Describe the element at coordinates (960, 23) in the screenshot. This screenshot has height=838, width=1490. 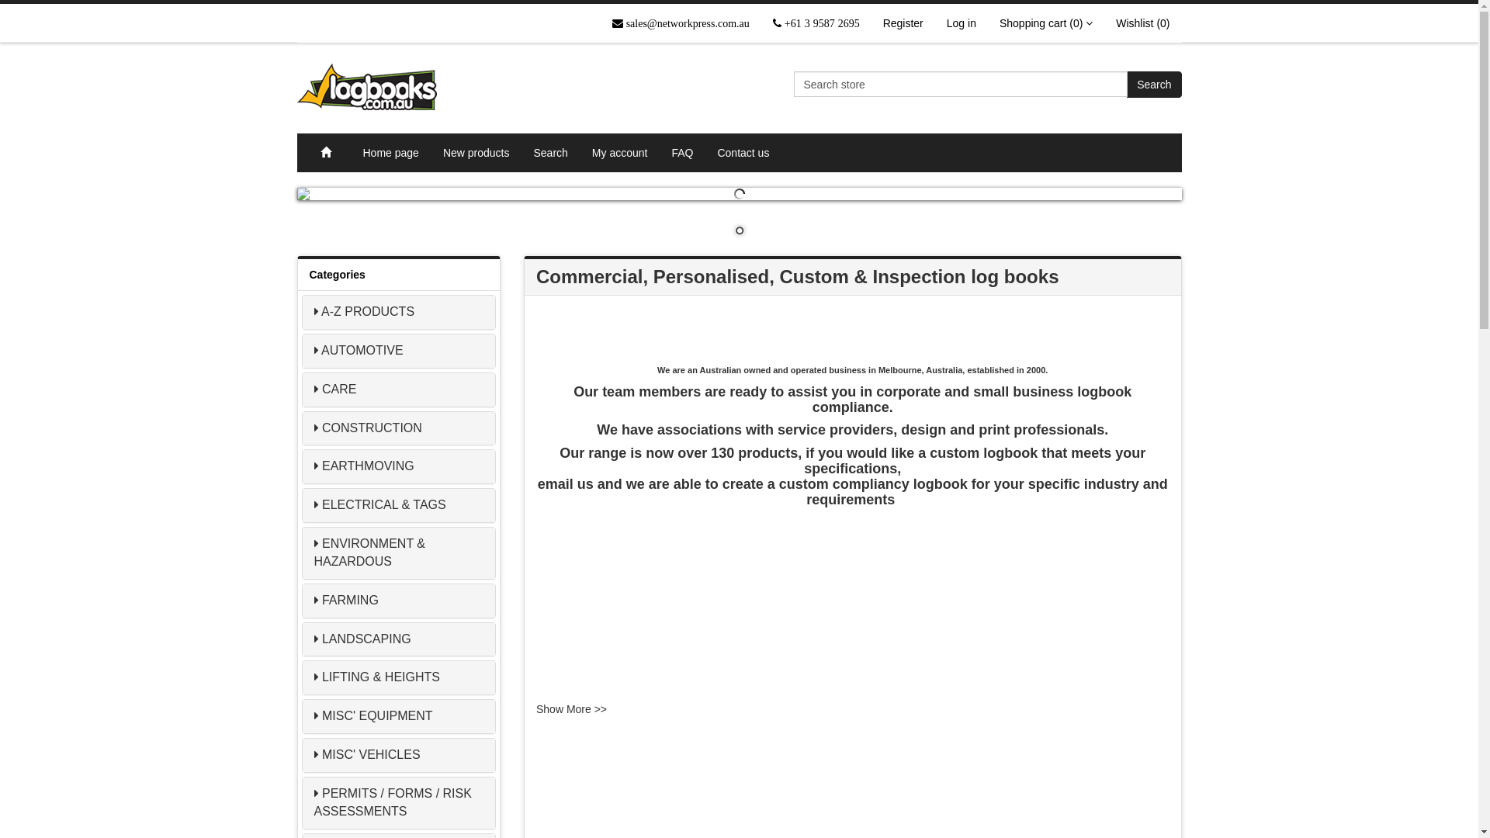
I see `'Log in'` at that location.